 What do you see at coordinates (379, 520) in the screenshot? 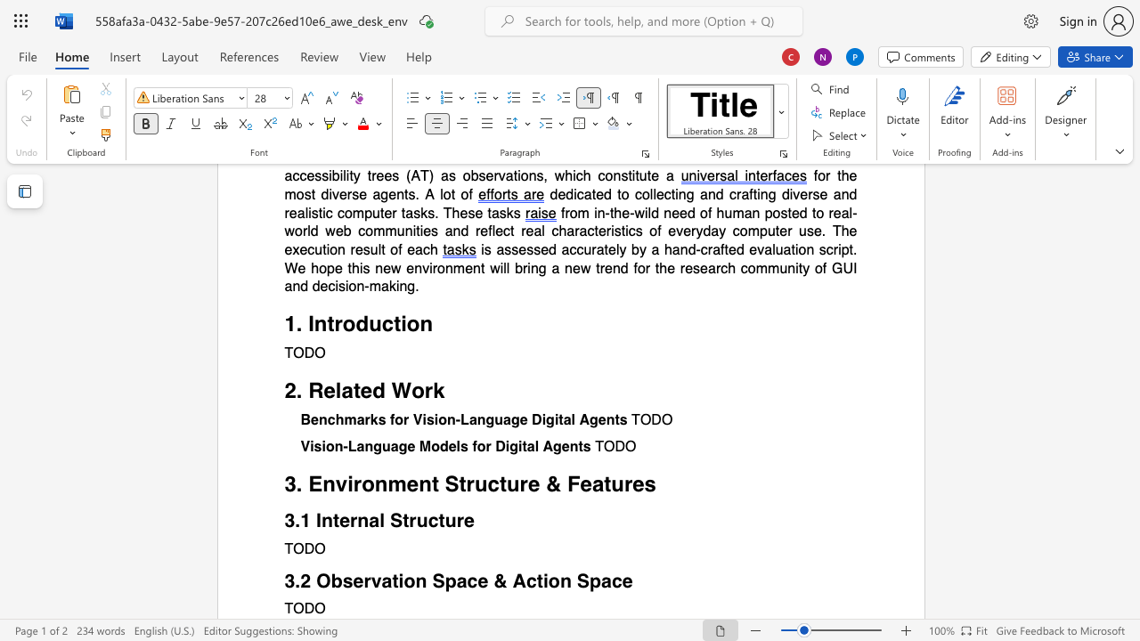
I see `the subset text "l Struct" within the text "3.1 Internal Structure"` at bounding box center [379, 520].